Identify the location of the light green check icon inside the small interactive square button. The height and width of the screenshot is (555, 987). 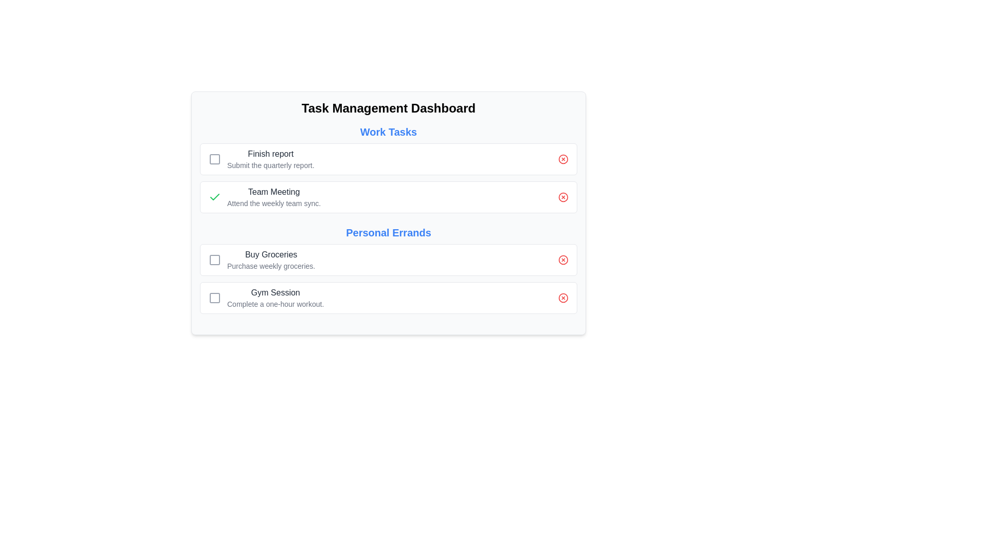
(214, 197).